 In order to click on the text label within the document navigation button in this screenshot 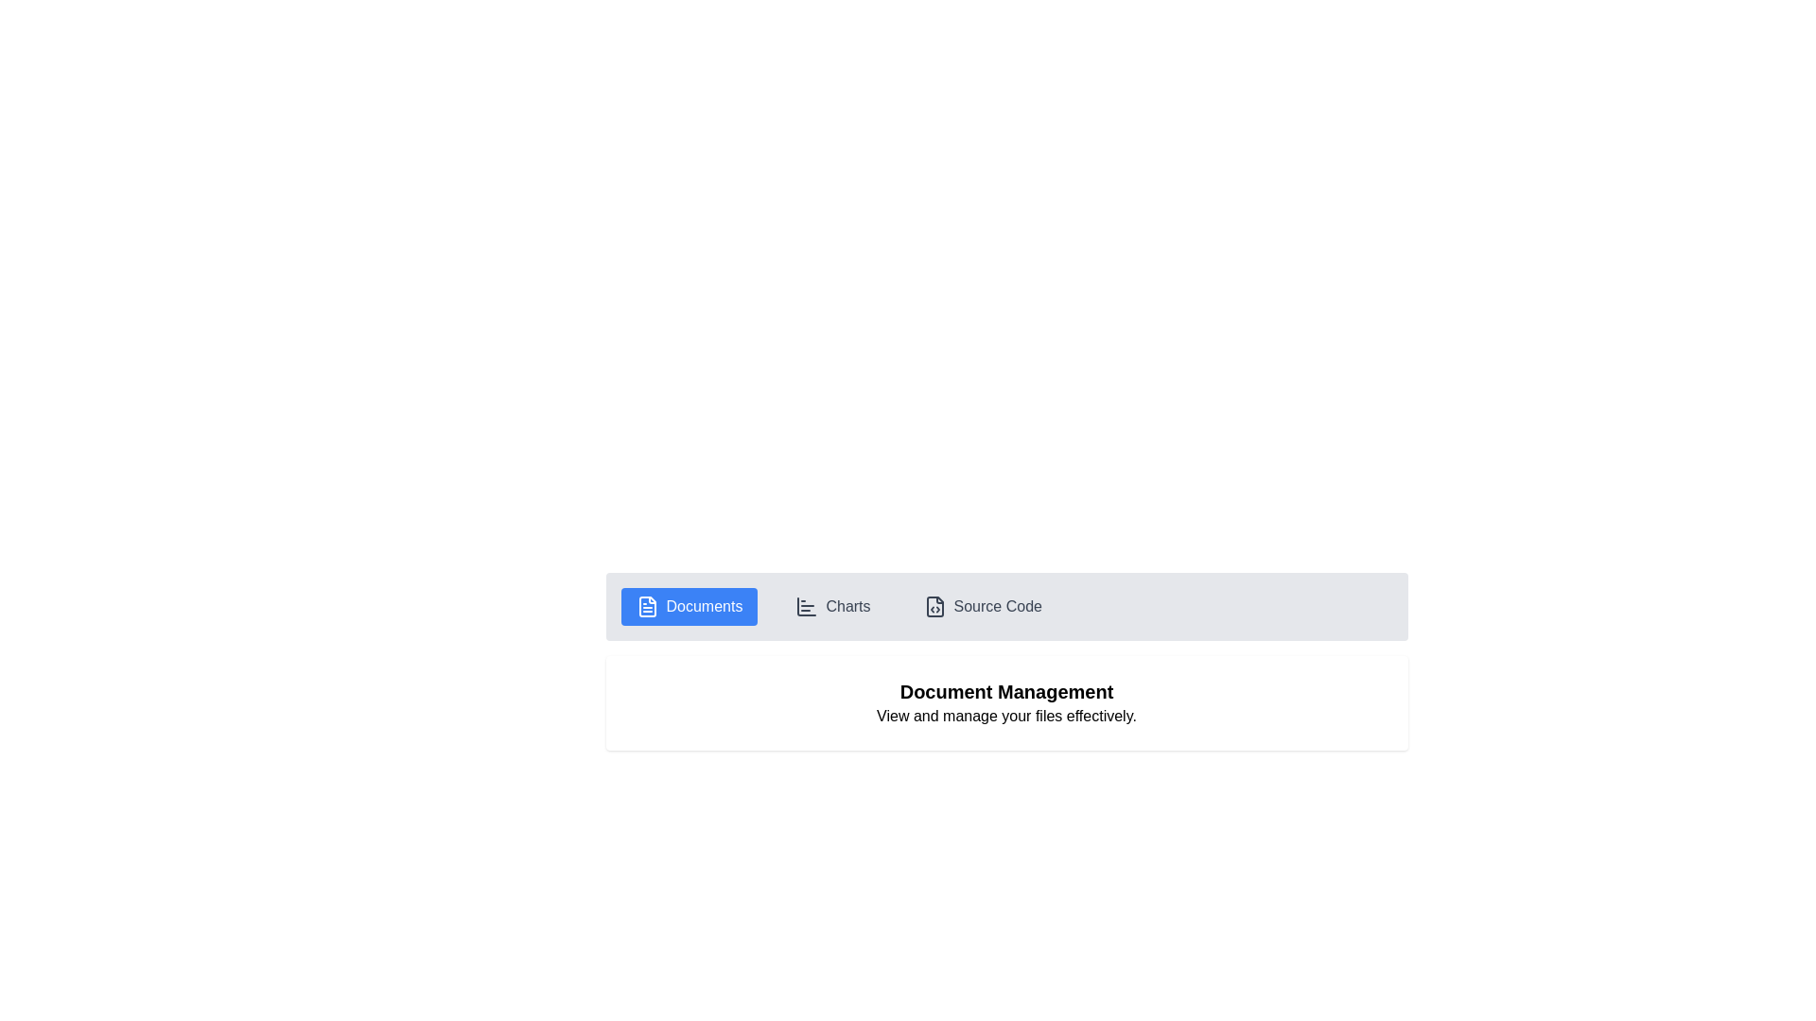, I will do `click(703, 606)`.